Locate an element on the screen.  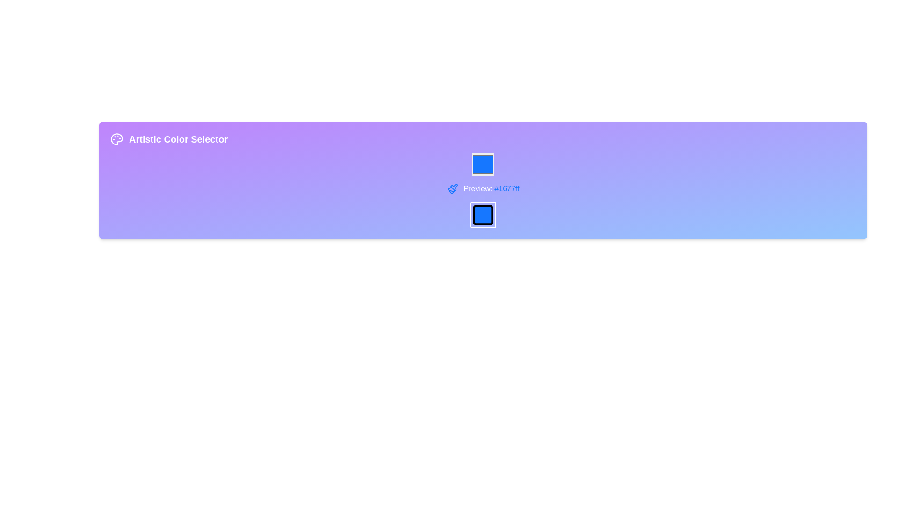
the text component displaying 'Preview: #1677ff' located towards the center-right of the interface, styled with white 'Preview:' and blue '#1677ff' is located at coordinates (491, 189).